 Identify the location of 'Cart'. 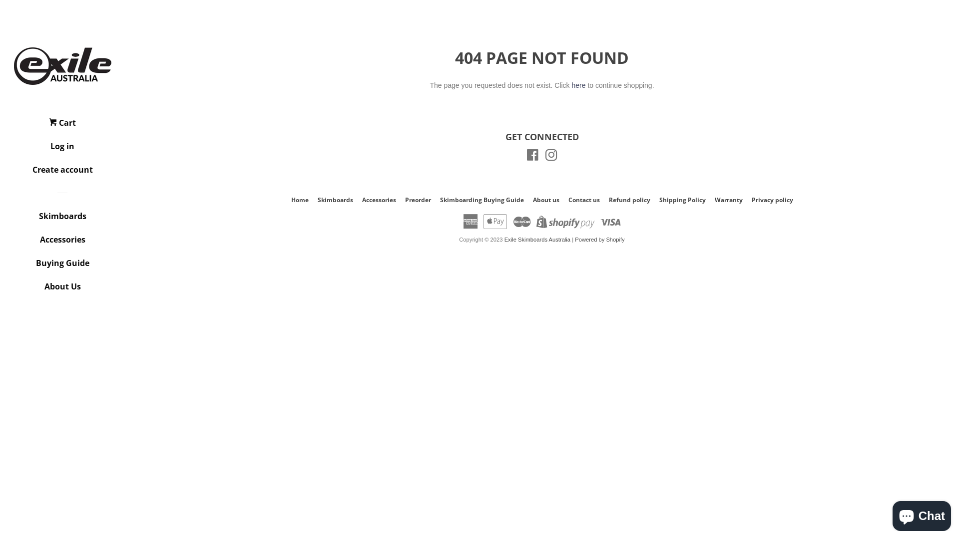
(61, 126).